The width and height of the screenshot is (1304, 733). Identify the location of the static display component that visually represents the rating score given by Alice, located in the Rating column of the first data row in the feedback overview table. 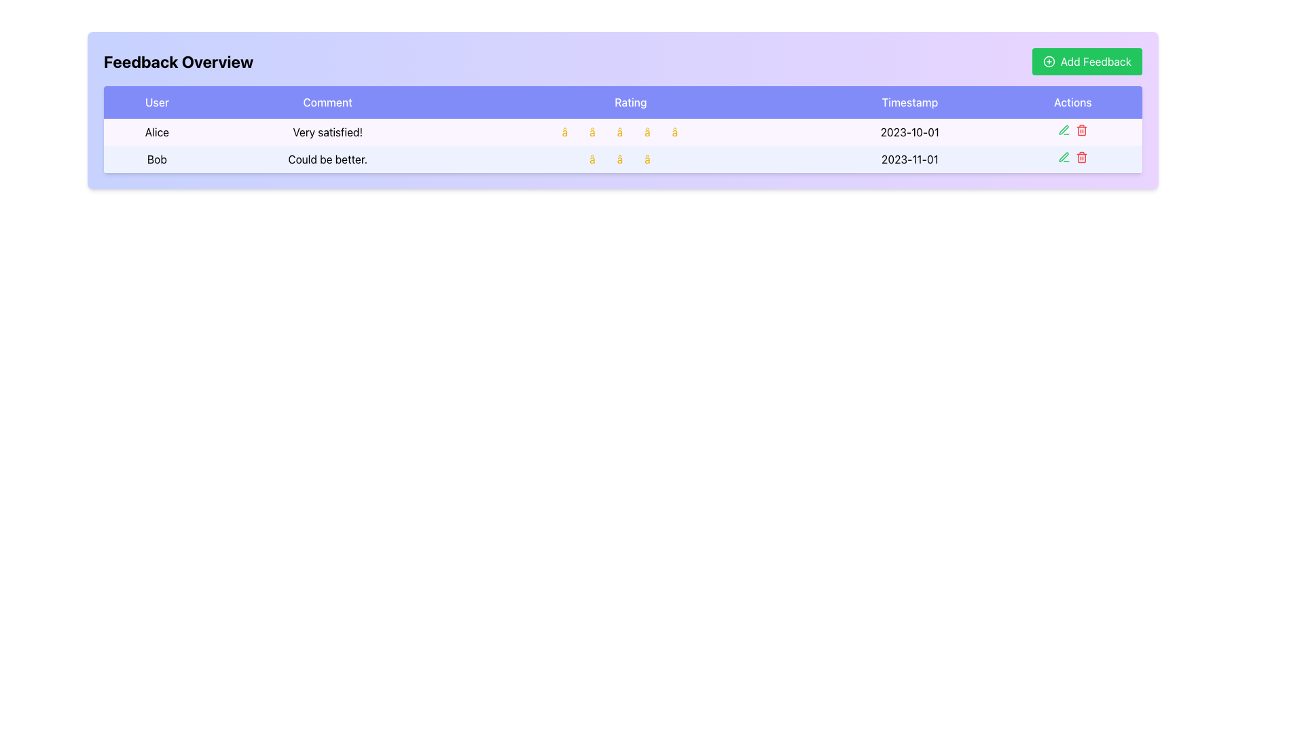
(630, 132).